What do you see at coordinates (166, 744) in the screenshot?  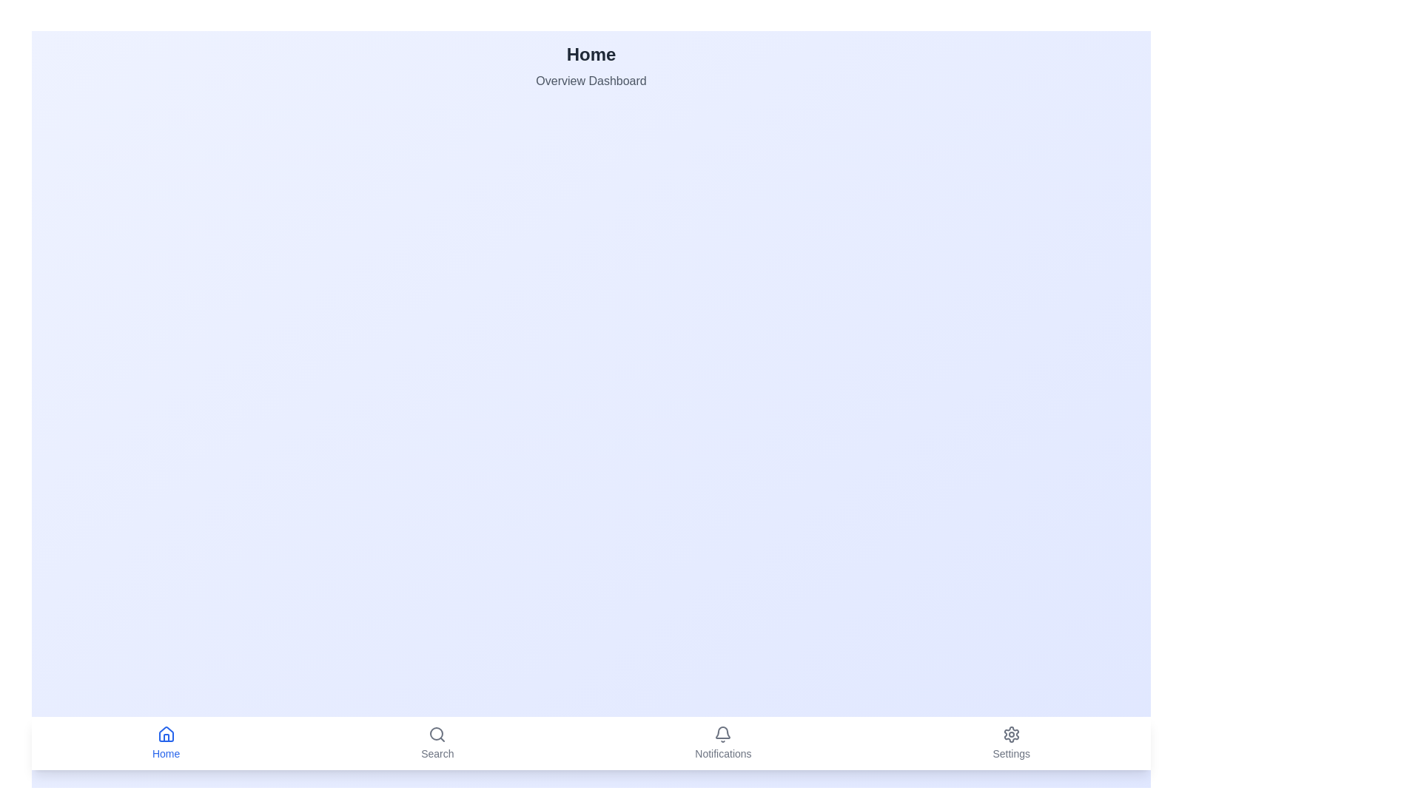 I see `the Home tab in the bottom navigation bar` at bounding box center [166, 744].